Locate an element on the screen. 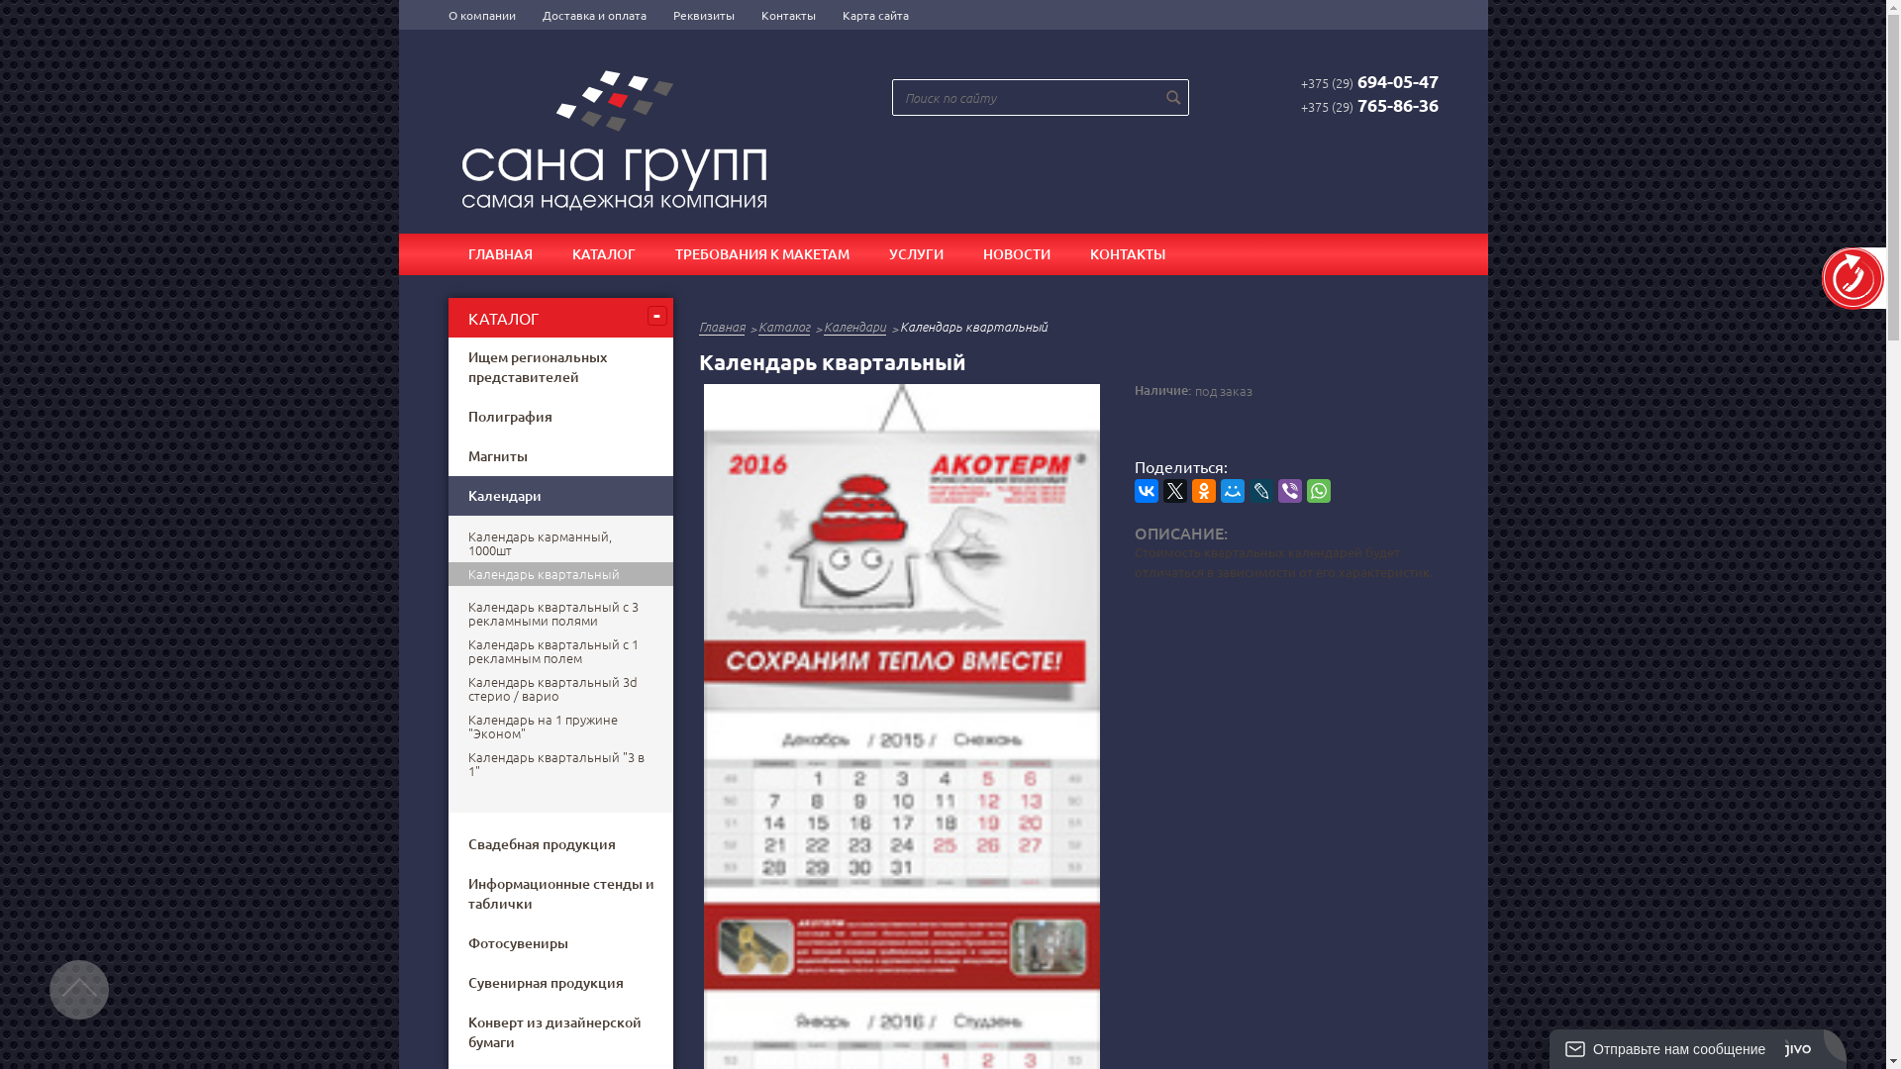 The image size is (1901, 1069). '+375 (29)765-86-36' is located at coordinates (1368, 106).